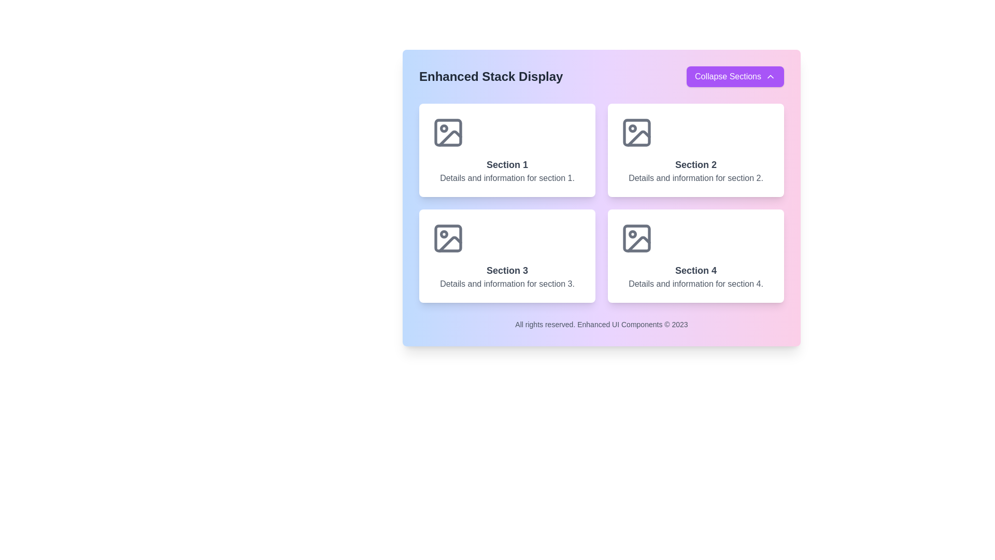  I want to click on the text label displaying 'Section 3', located in the second row, first column of a 2x2 grid layout, so click(507, 270).